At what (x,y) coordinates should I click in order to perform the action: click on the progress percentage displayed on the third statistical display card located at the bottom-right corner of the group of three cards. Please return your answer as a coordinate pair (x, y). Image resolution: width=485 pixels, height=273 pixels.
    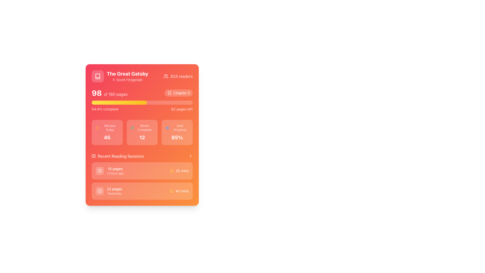
    Looking at the image, I should click on (177, 132).